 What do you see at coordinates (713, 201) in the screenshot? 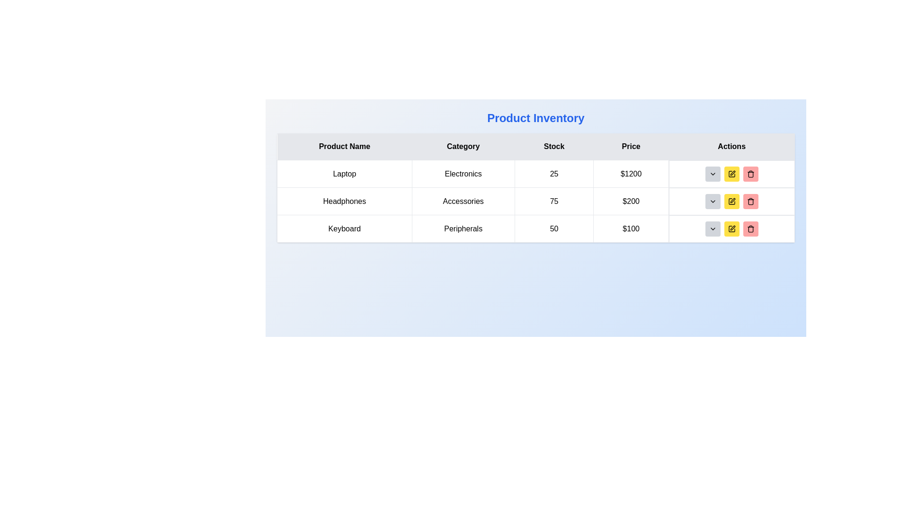
I see `the leftmost dropdown trigger button in the Actions column of the second row for the Headphones product` at bounding box center [713, 201].